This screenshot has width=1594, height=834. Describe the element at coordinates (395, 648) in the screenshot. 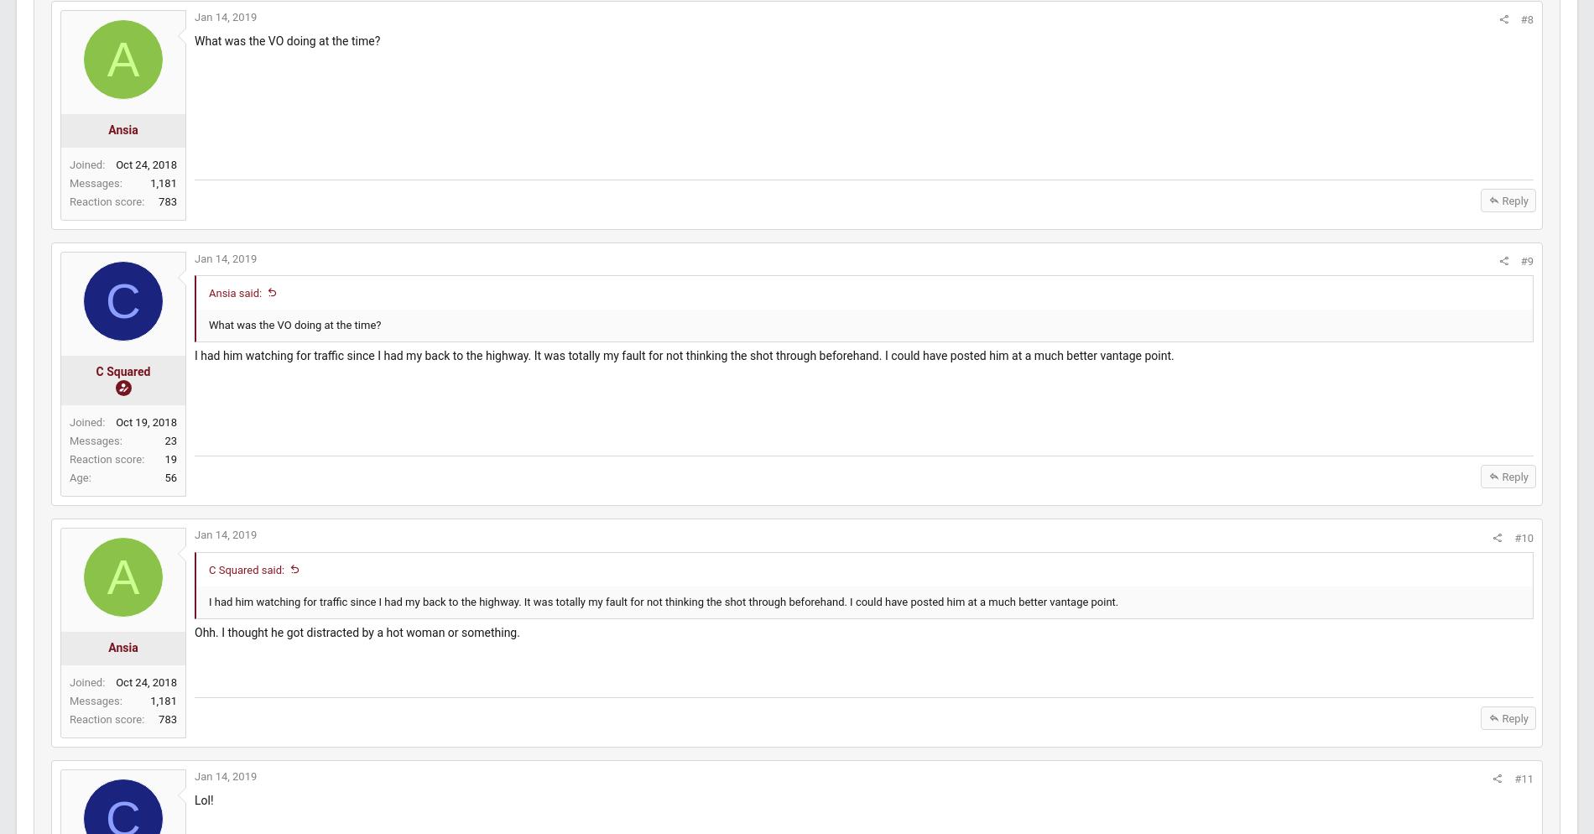

I see `'Ohh. I thought he got distracted by a hot woman or something.'` at that location.